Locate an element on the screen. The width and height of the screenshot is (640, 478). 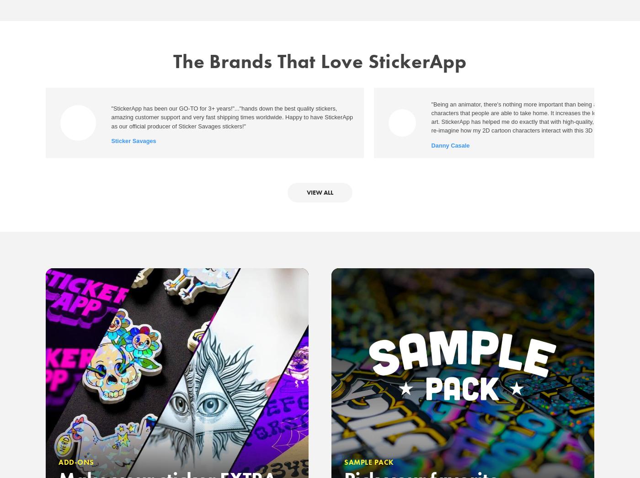
'Cookie Policy' is located at coordinates (389, 186).